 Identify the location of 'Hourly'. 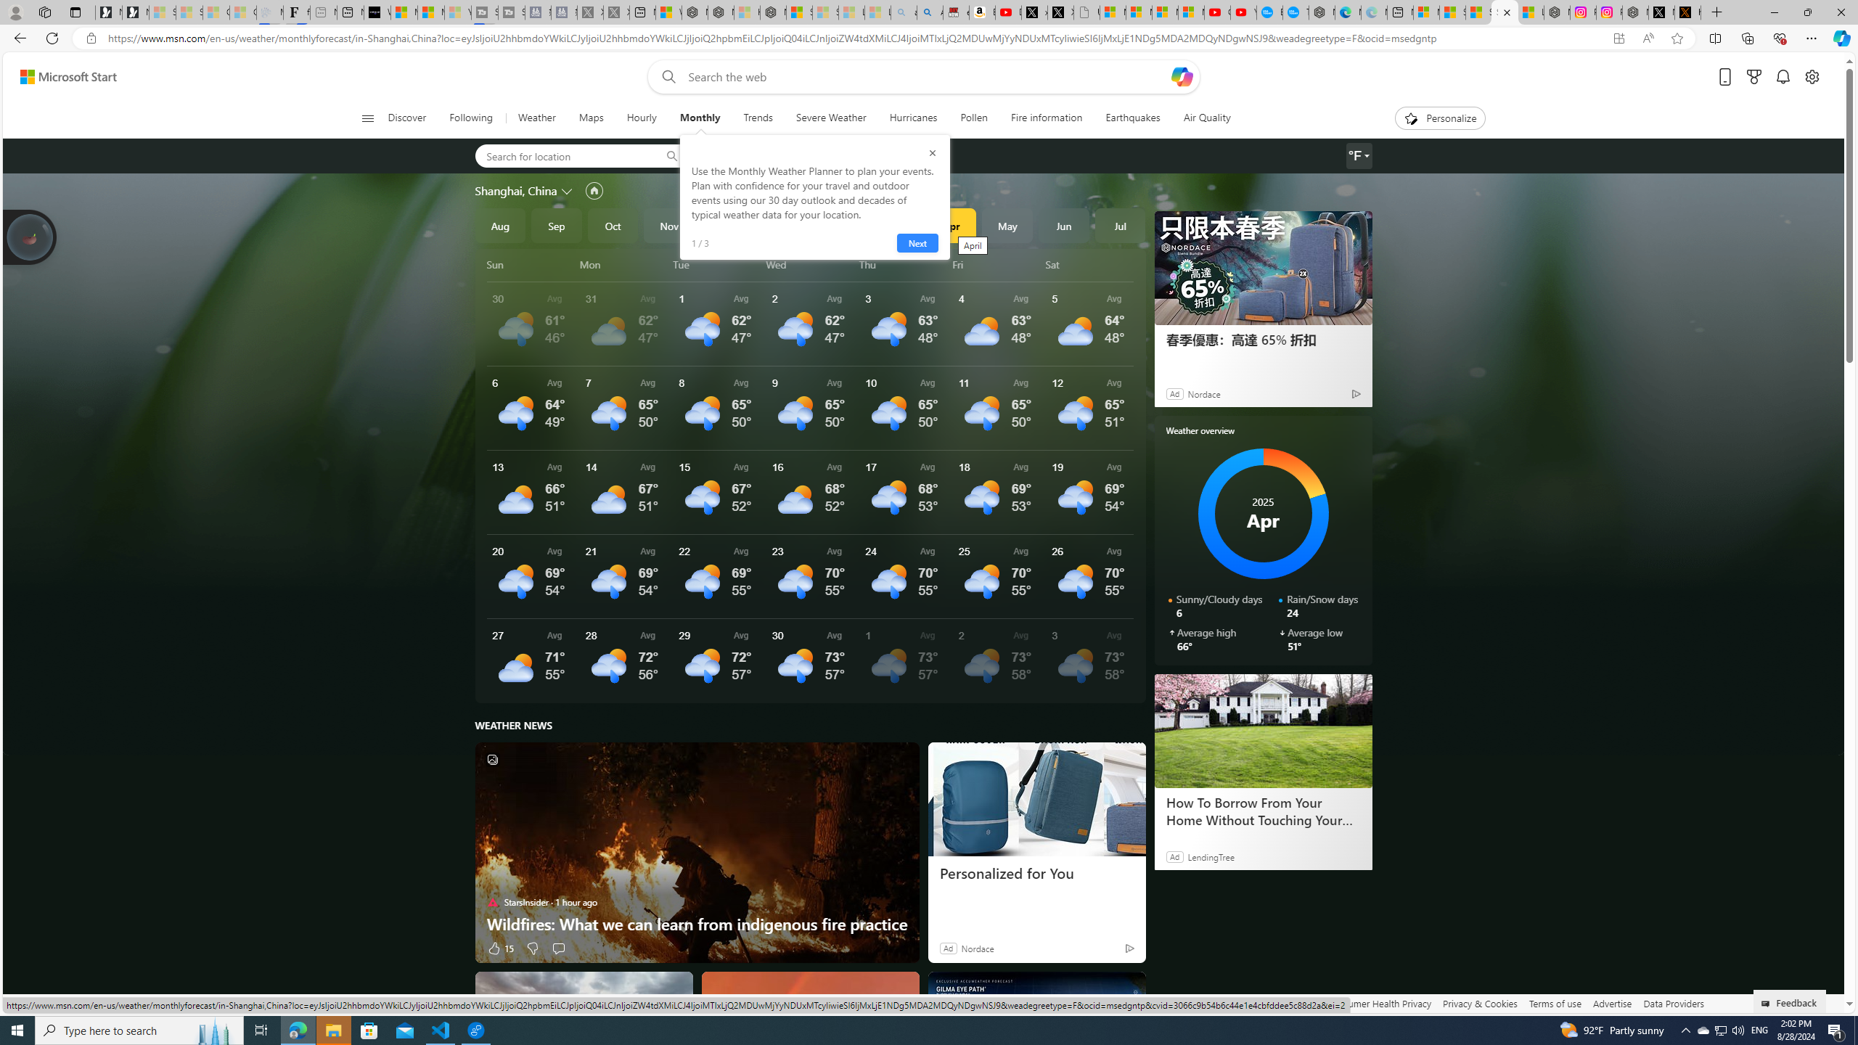
(642, 118).